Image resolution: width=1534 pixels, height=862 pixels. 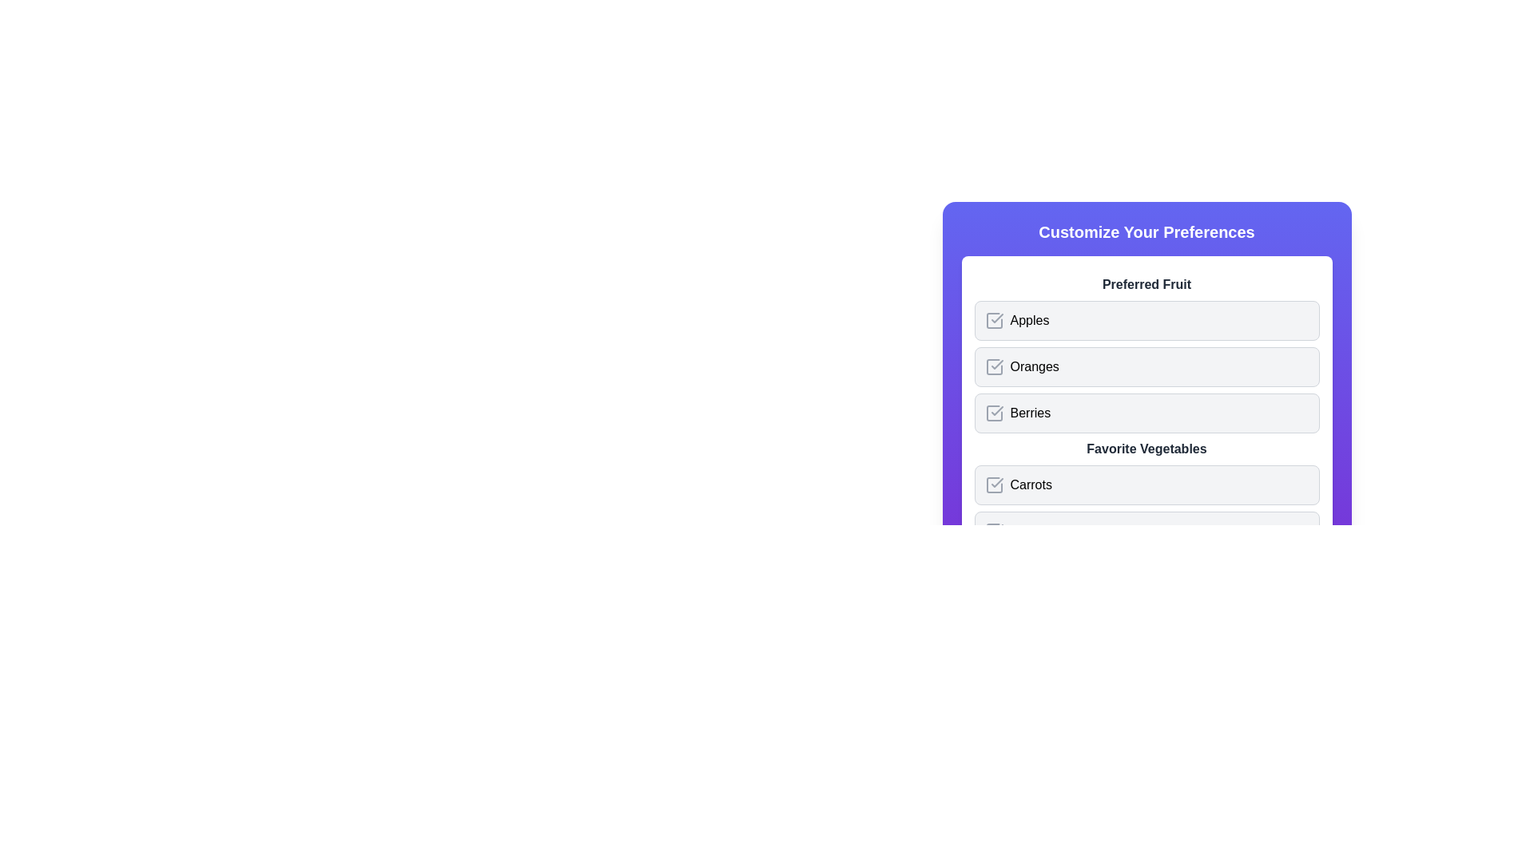 What do you see at coordinates (1146, 320) in the screenshot?
I see `the checkbox list item labeled 'Apples'` at bounding box center [1146, 320].